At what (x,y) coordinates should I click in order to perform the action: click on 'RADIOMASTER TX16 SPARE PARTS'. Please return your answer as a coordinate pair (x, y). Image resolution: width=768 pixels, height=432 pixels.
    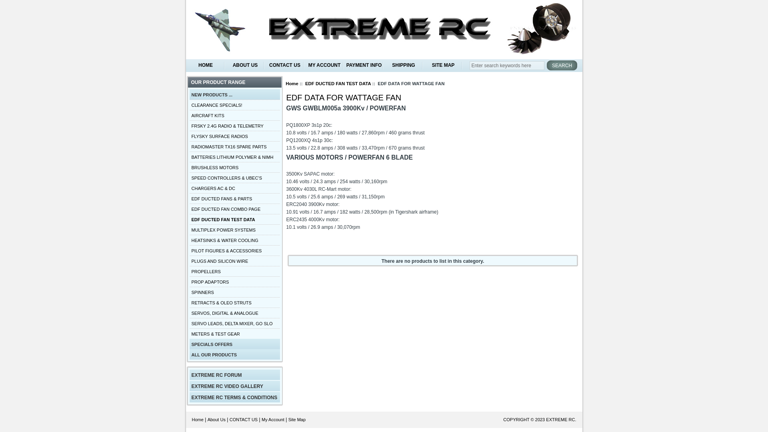
    Looking at the image, I should click on (234, 146).